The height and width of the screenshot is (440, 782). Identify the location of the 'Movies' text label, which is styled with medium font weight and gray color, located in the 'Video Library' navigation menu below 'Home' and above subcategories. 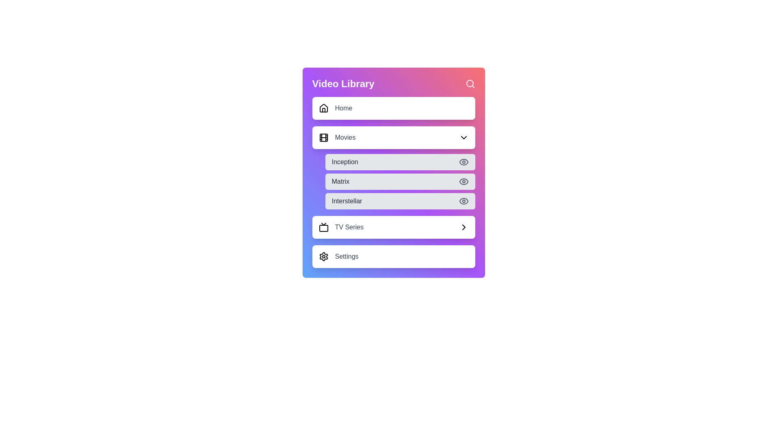
(345, 137).